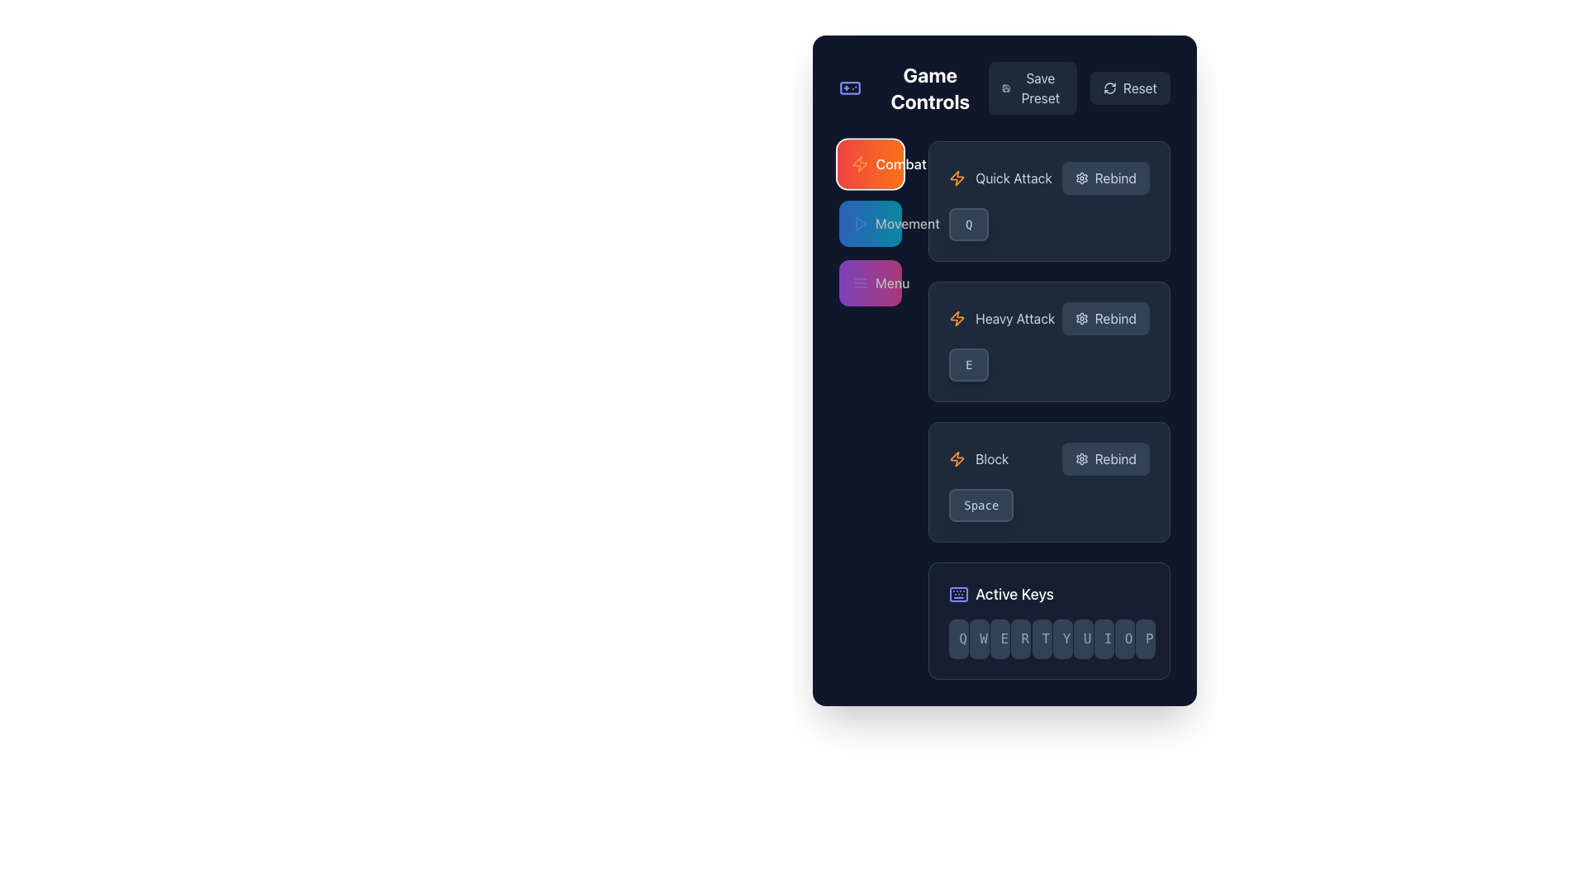  I want to click on the section header labeled 'Game Controls' which features a bold white text and an indigo gamepad icon, located towards the upper-left corner of the interface, so click(913, 88).